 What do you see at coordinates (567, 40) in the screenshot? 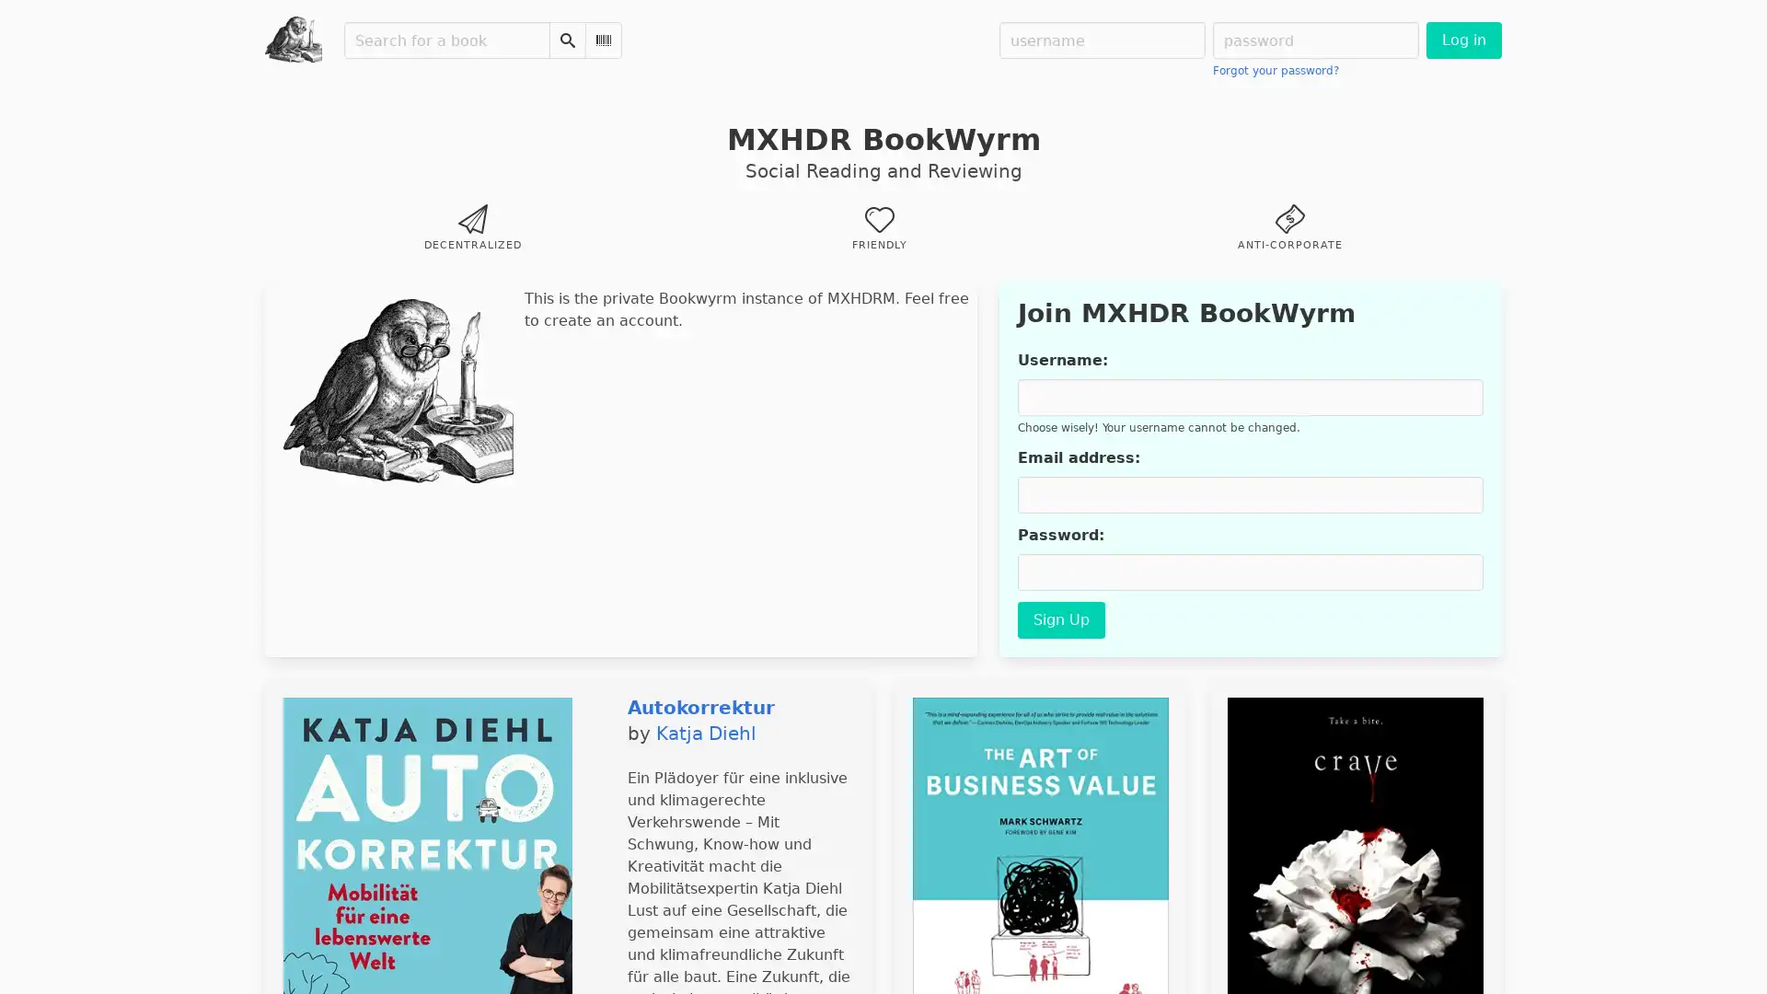
I see `Search` at bounding box center [567, 40].